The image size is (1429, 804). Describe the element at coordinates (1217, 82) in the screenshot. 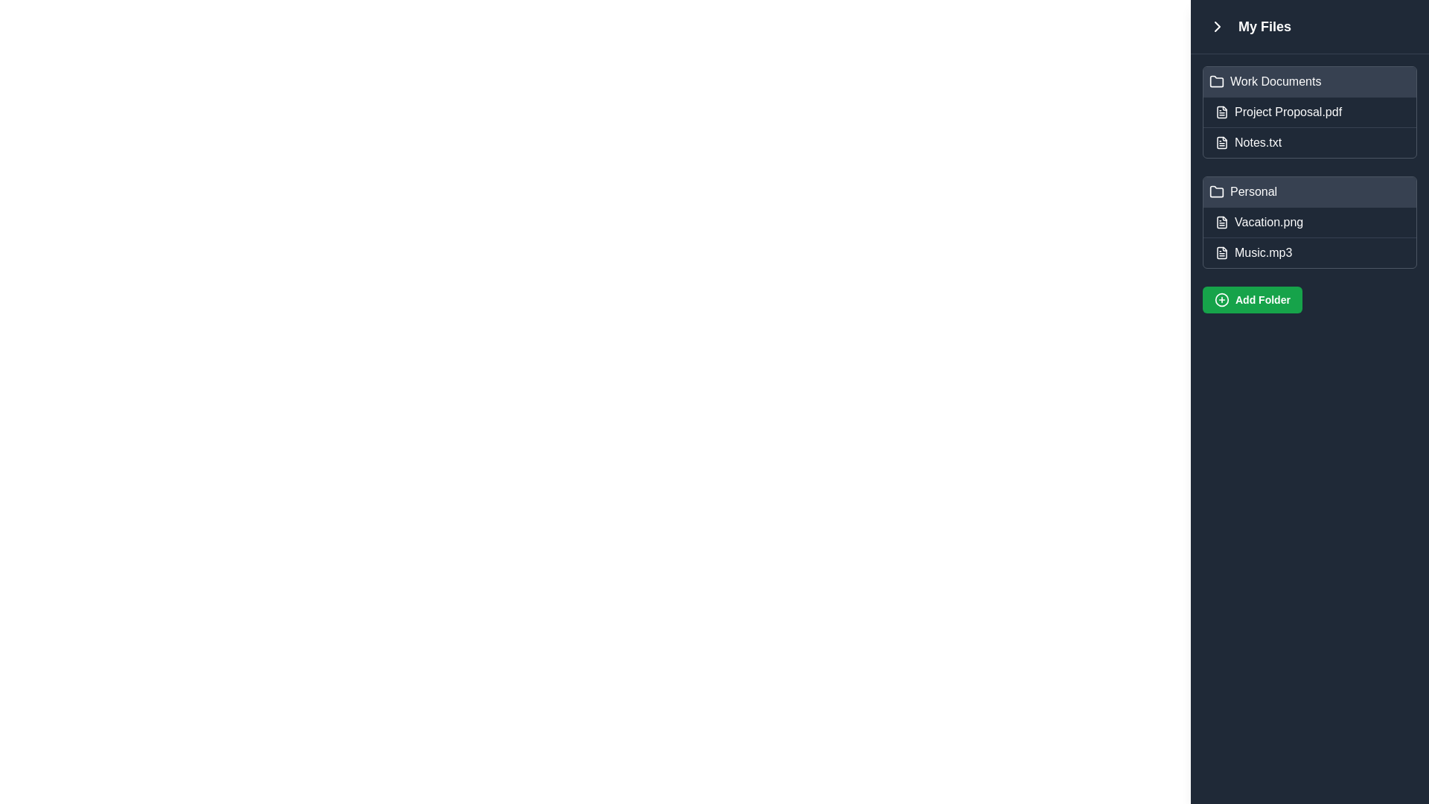

I see `the Folder icon, which is a simple outline-style icon representing a file directory, located within the 'Work Documents' section on the right sidebar` at that location.